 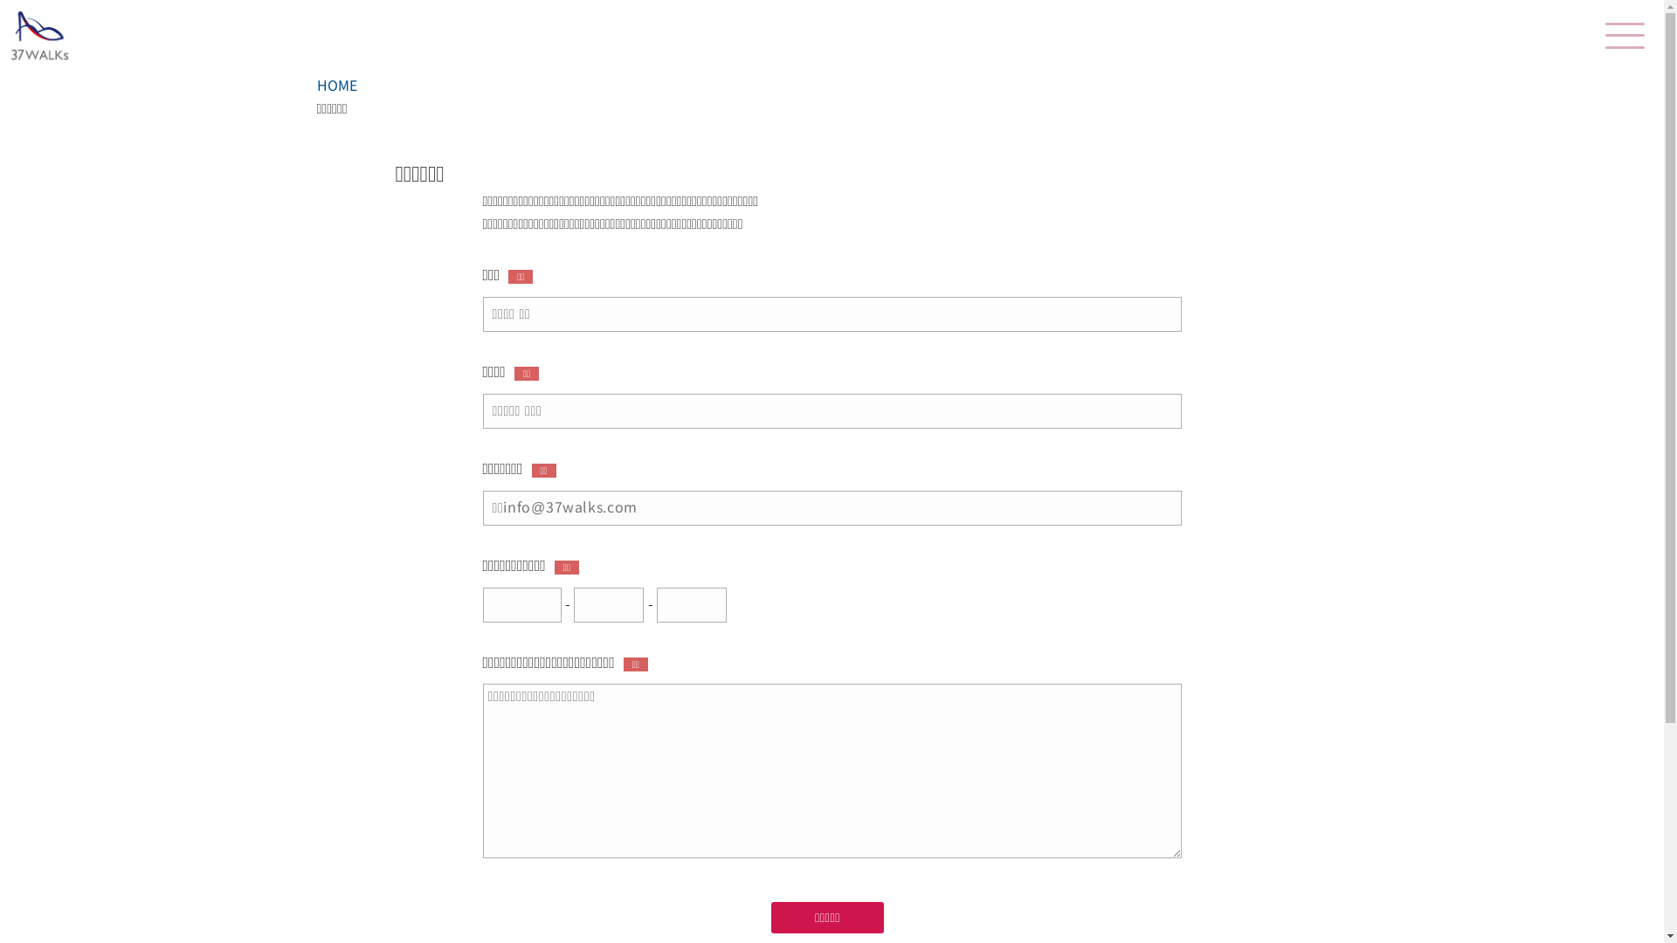 What do you see at coordinates (335, 86) in the screenshot?
I see `'HOME'` at bounding box center [335, 86].